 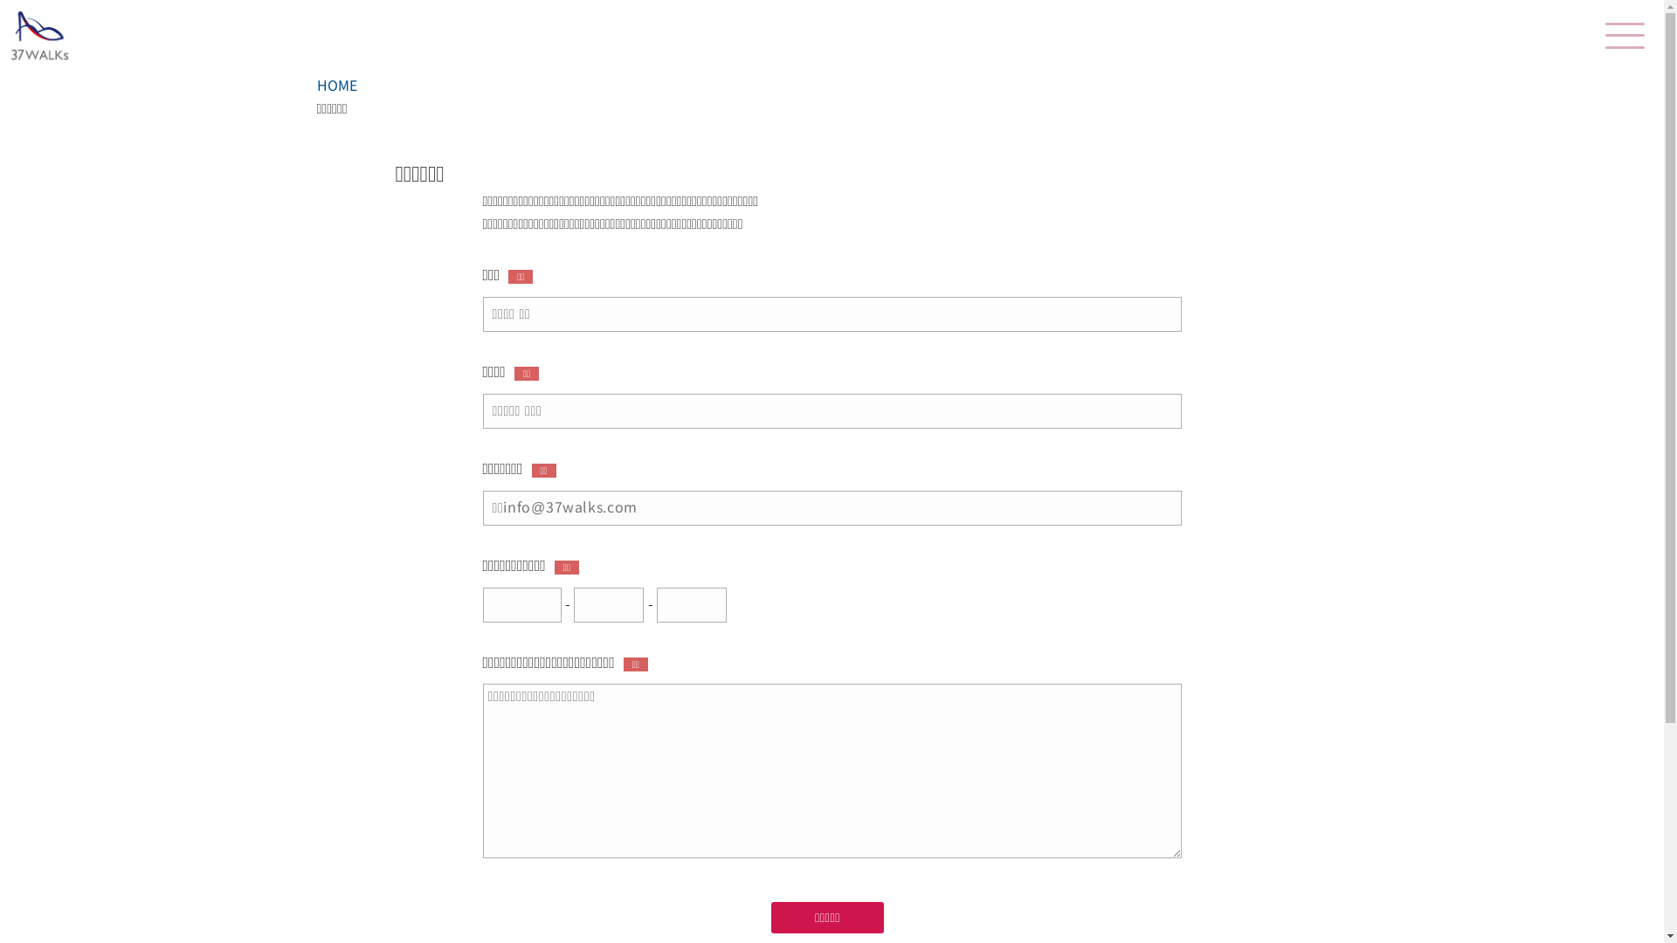 What do you see at coordinates (335, 86) in the screenshot?
I see `'HOME'` at bounding box center [335, 86].